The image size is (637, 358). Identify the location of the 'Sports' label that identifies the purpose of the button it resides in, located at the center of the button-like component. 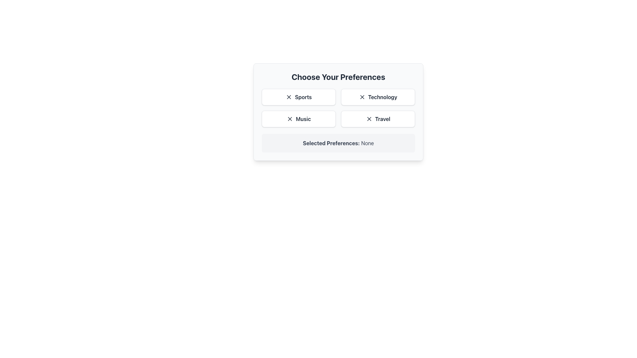
(303, 97).